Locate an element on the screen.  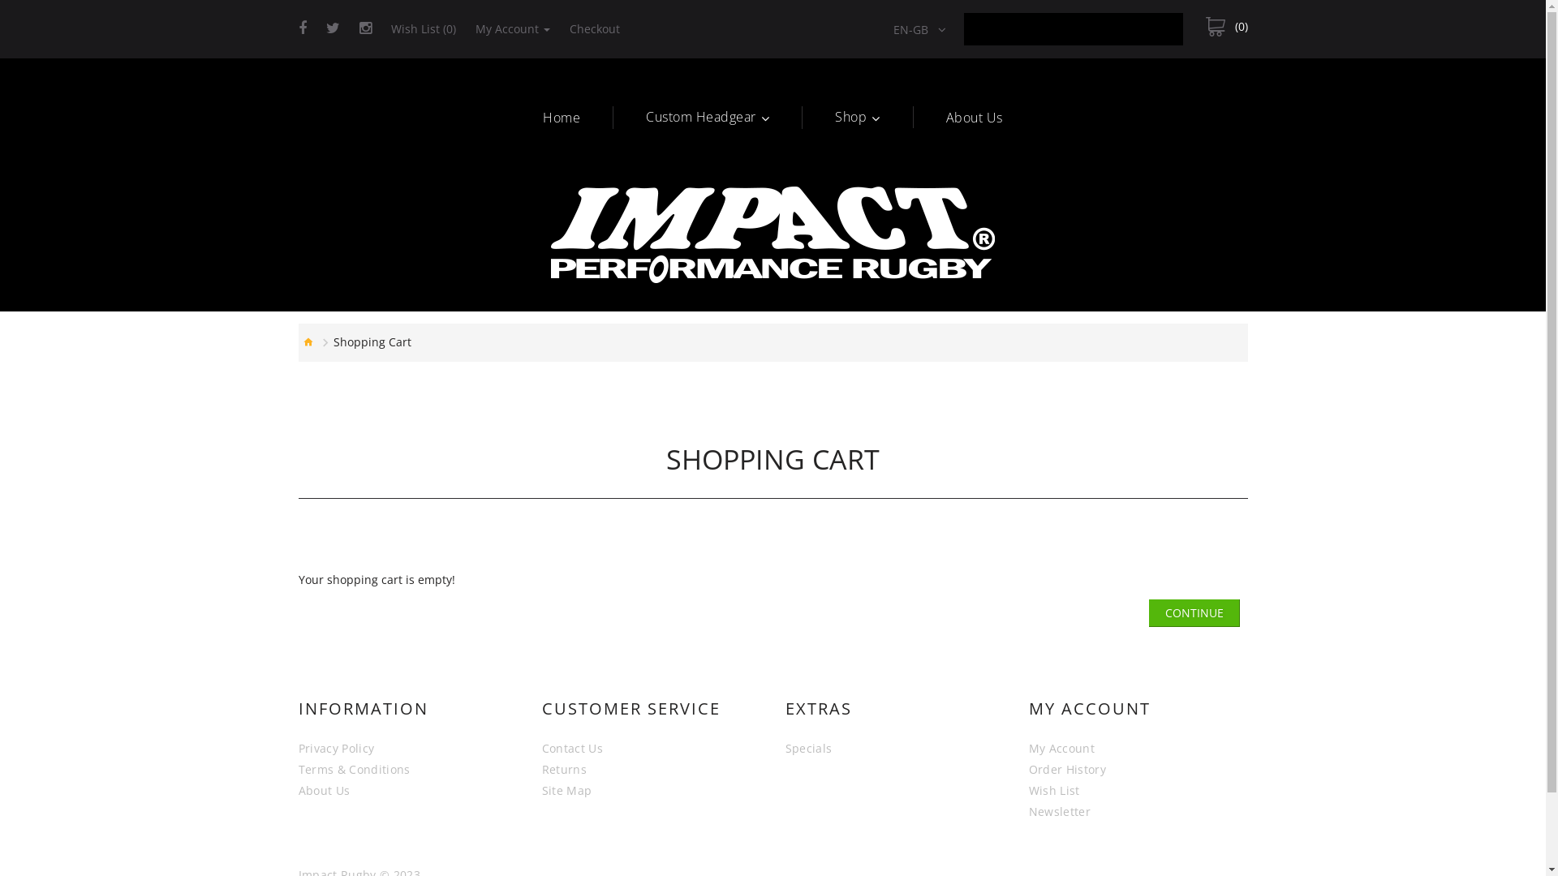
'Custom Headgear' is located at coordinates (645, 117).